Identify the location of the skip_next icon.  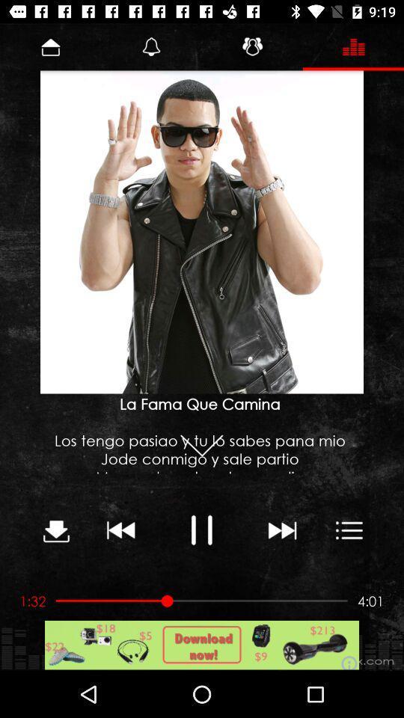
(281, 530).